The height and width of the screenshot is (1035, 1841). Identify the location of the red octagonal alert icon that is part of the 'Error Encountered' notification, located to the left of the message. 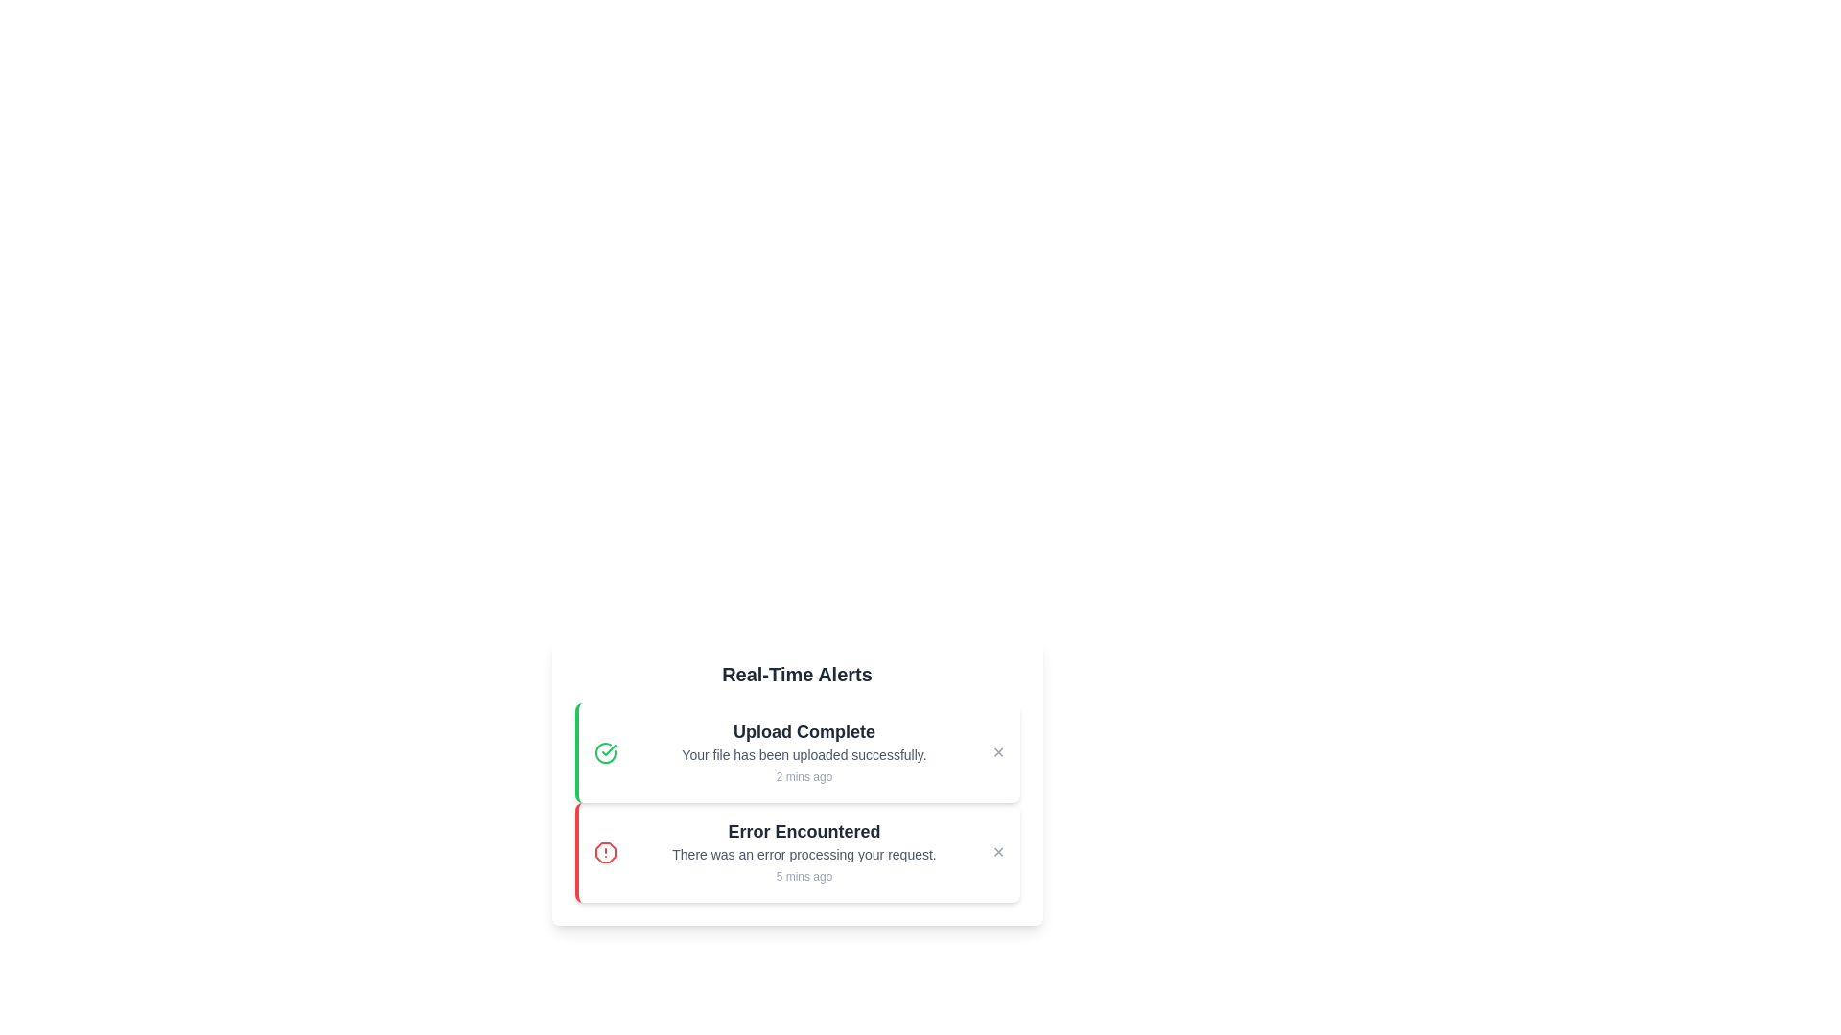
(604, 852).